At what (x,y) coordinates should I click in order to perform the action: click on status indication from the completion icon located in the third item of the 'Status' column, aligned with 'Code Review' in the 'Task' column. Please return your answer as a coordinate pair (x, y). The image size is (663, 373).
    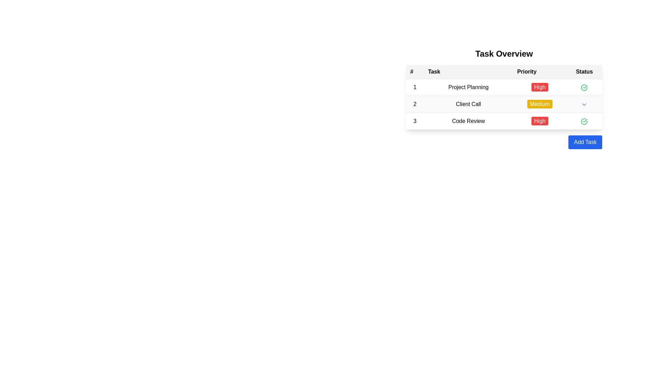
    Looking at the image, I should click on (584, 87).